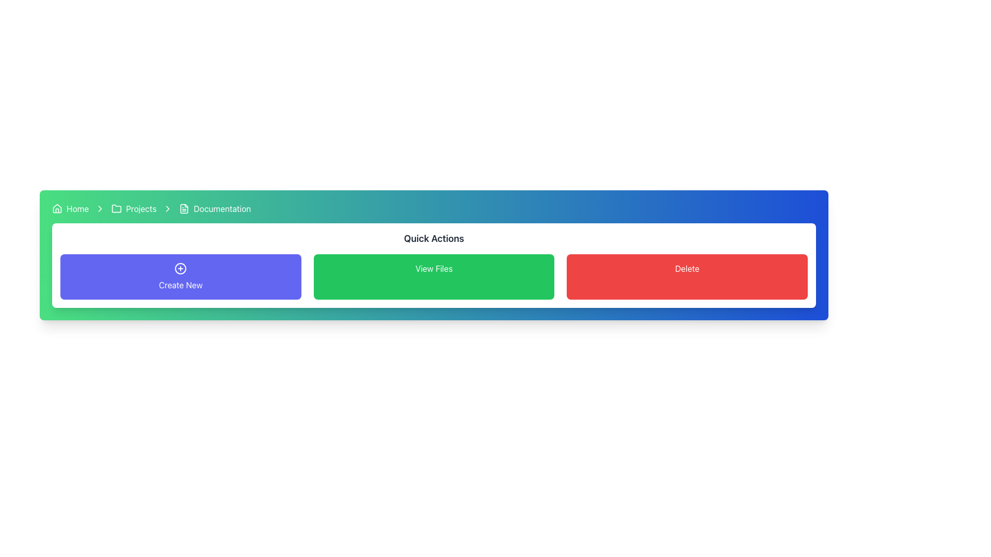 This screenshot has width=991, height=557. What do you see at coordinates (77, 209) in the screenshot?
I see `the 'Home' text label located in the navigation bar` at bounding box center [77, 209].